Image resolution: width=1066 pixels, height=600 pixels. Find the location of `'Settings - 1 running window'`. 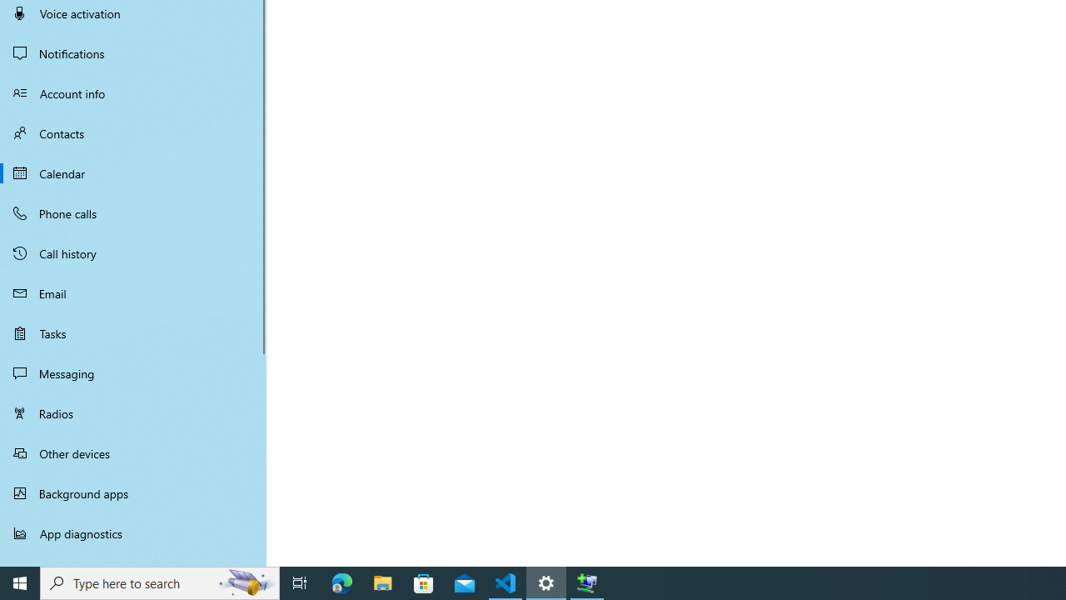

'Settings - 1 running window' is located at coordinates (546, 582).